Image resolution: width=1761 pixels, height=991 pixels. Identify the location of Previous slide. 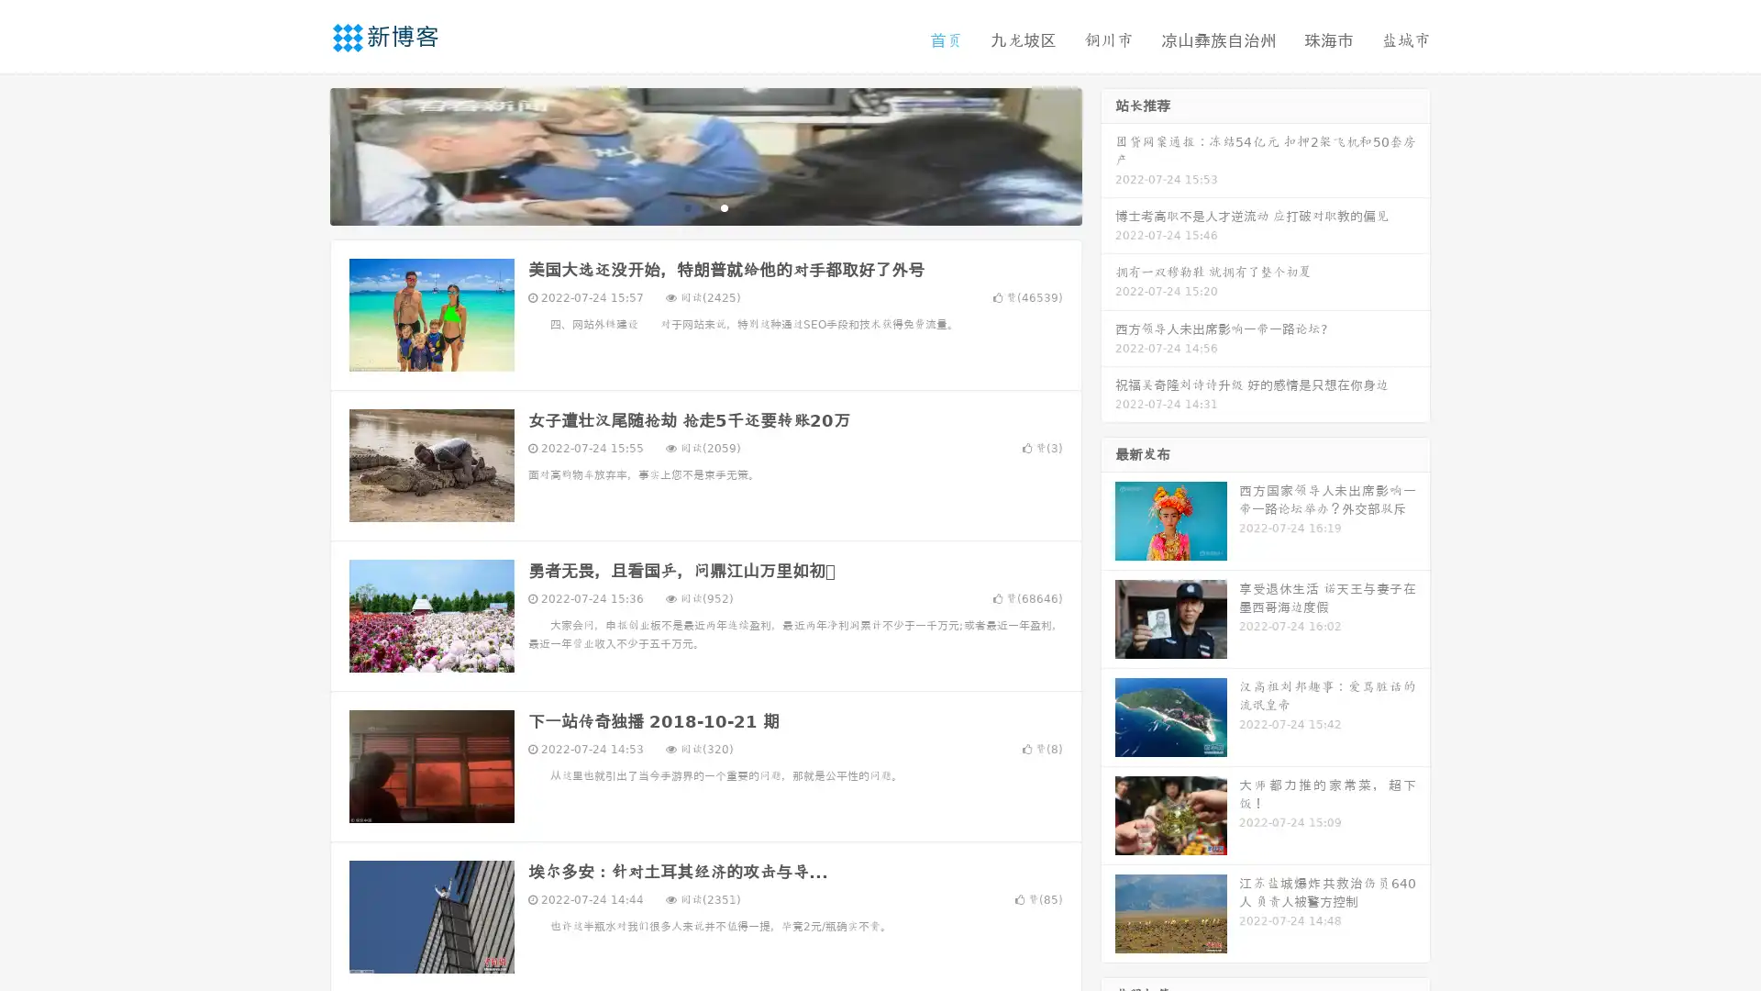
(303, 154).